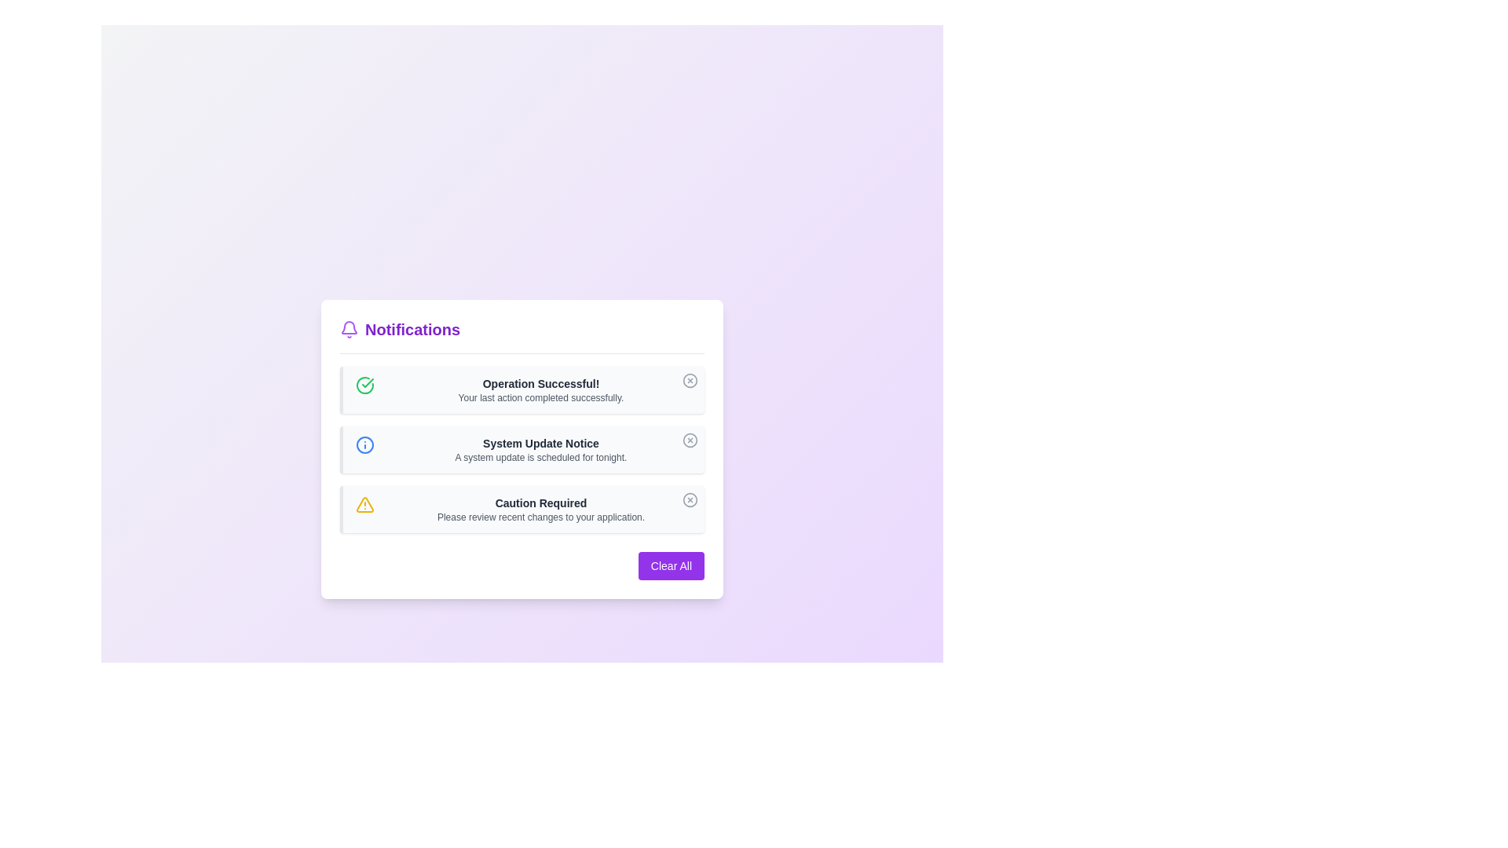  Describe the element at coordinates (364, 504) in the screenshot. I see `the triangular alert icon in the 'Caution Required' notification item, located near the left side of the item` at that location.